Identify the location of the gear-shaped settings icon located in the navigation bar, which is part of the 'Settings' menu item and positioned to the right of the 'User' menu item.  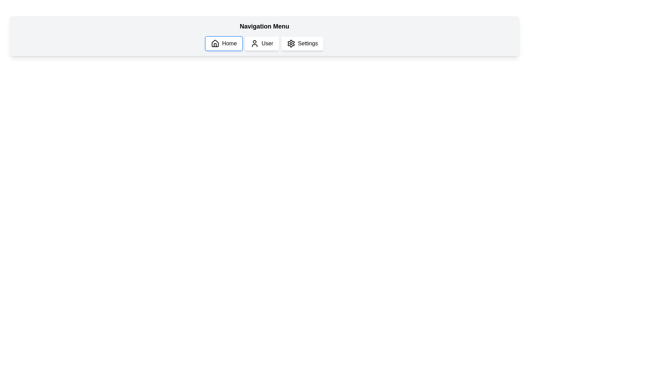
(291, 44).